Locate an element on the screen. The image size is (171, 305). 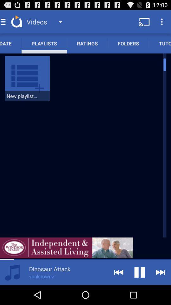
the music icon is located at coordinates (12, 291).